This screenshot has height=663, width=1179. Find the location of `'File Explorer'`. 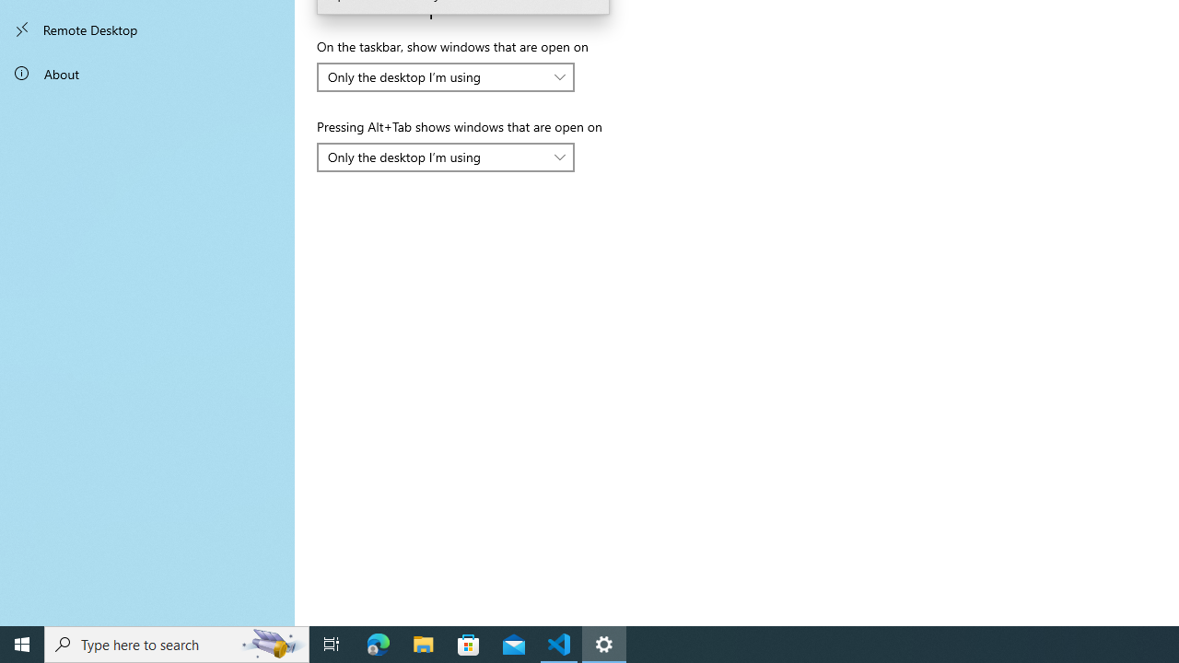

'File Explorer' is located at coordinates (423, 643).